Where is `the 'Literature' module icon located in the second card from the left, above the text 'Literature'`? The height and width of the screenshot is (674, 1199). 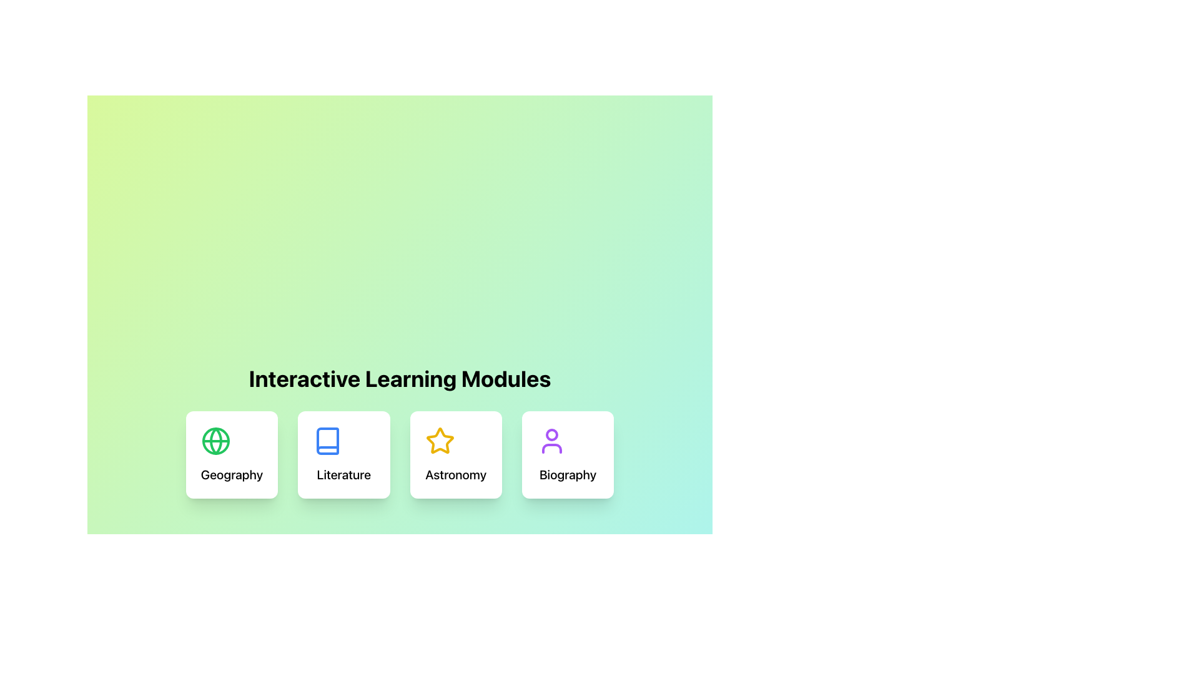 the 'Literature' module icon located in the second card from the left, above the text 'Literature' is located at coordinates (328, 440).